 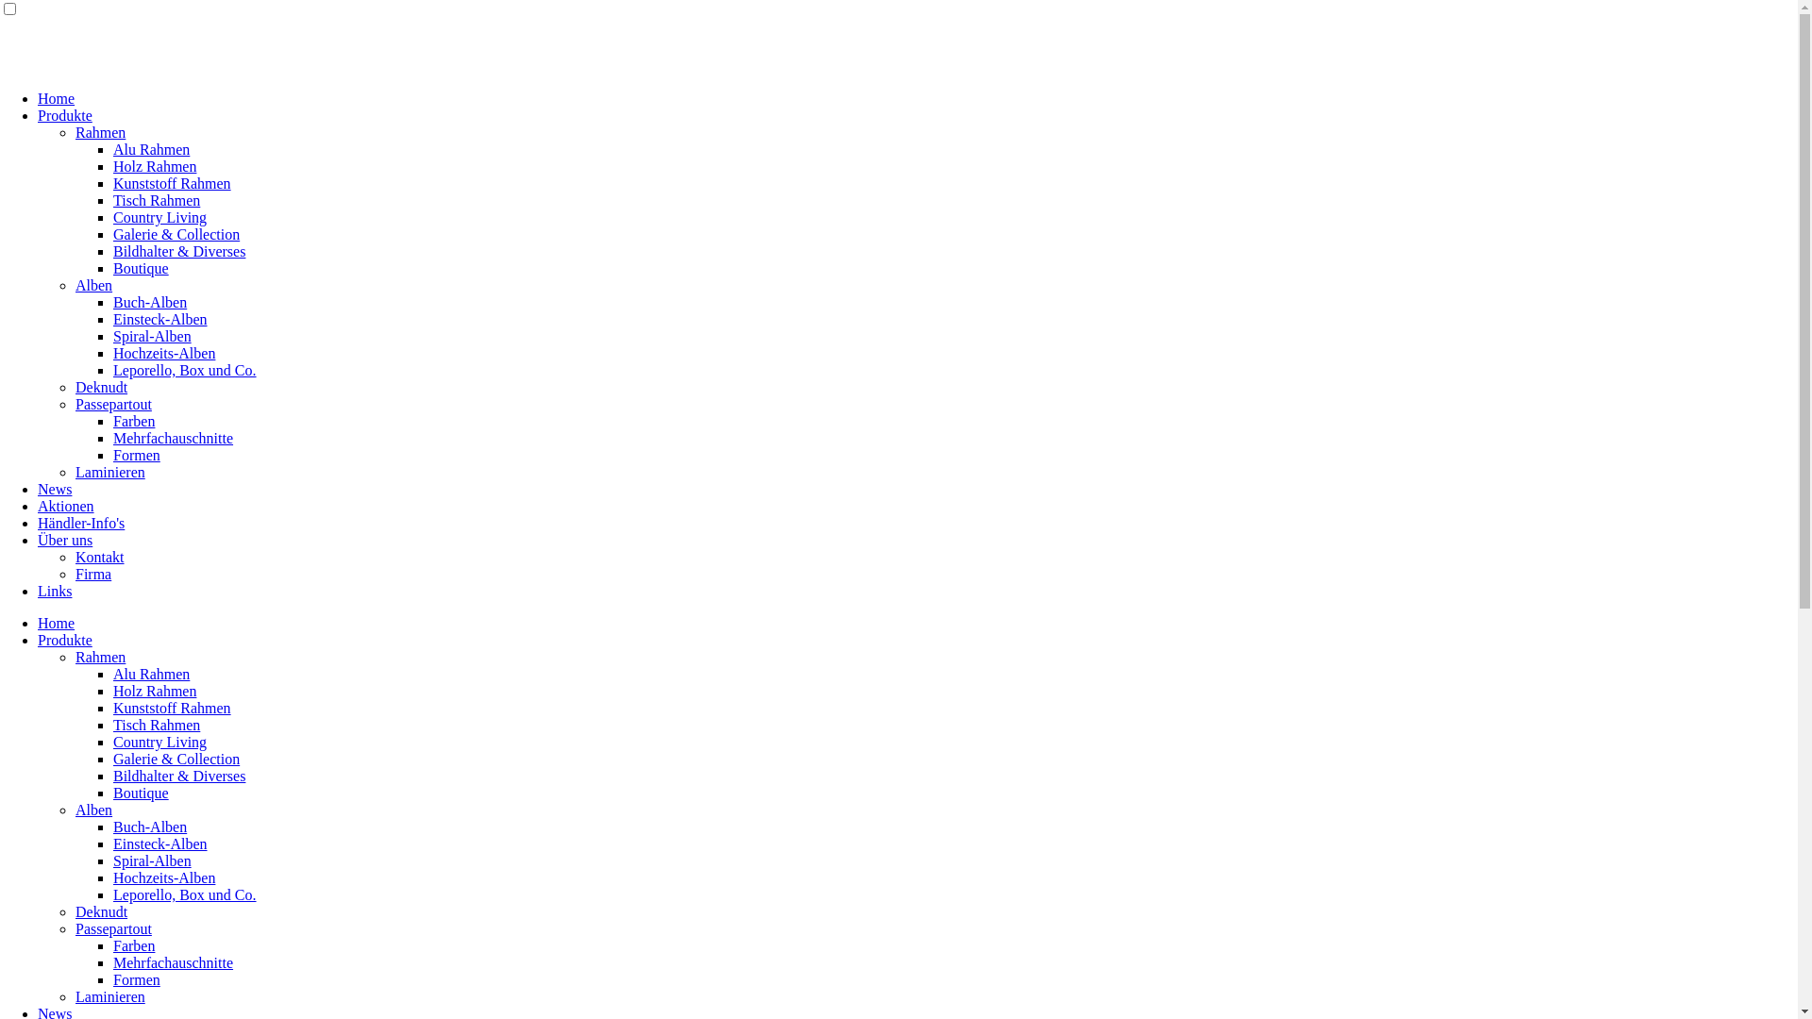 I want to click on 'Boutique', so click(x=140, y=793).